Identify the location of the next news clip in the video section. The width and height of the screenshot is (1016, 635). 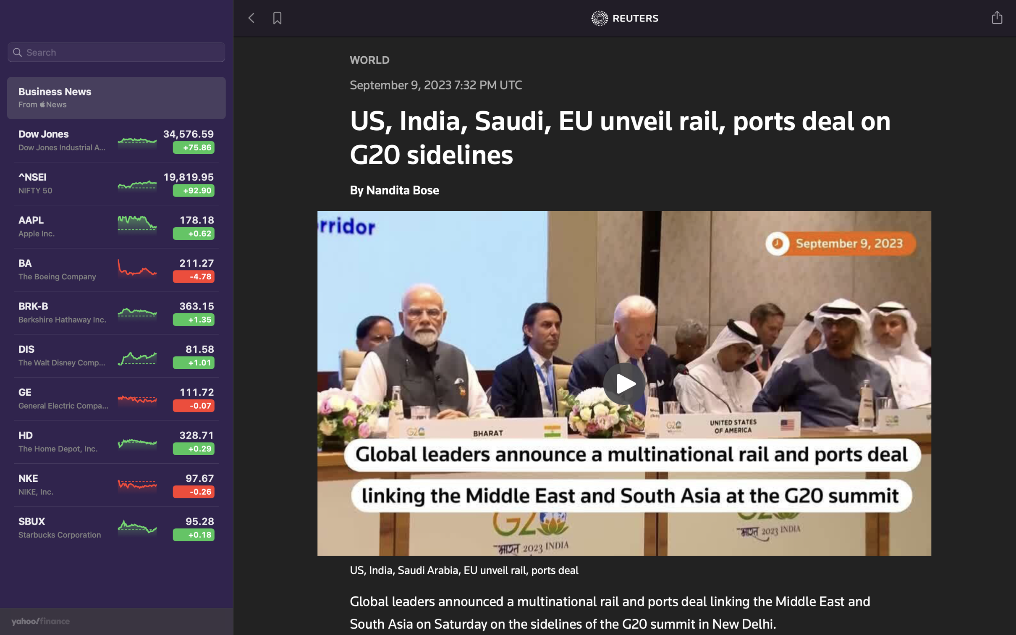
(625, 382).